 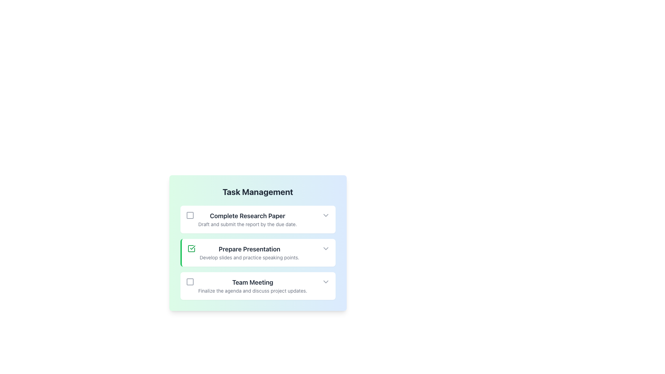 What do you see at coordinates (249, 252) in the screenshot?
I see `the 'Prepare Presentation' text block element to activate edit mode` at bounding box center [249, 252].